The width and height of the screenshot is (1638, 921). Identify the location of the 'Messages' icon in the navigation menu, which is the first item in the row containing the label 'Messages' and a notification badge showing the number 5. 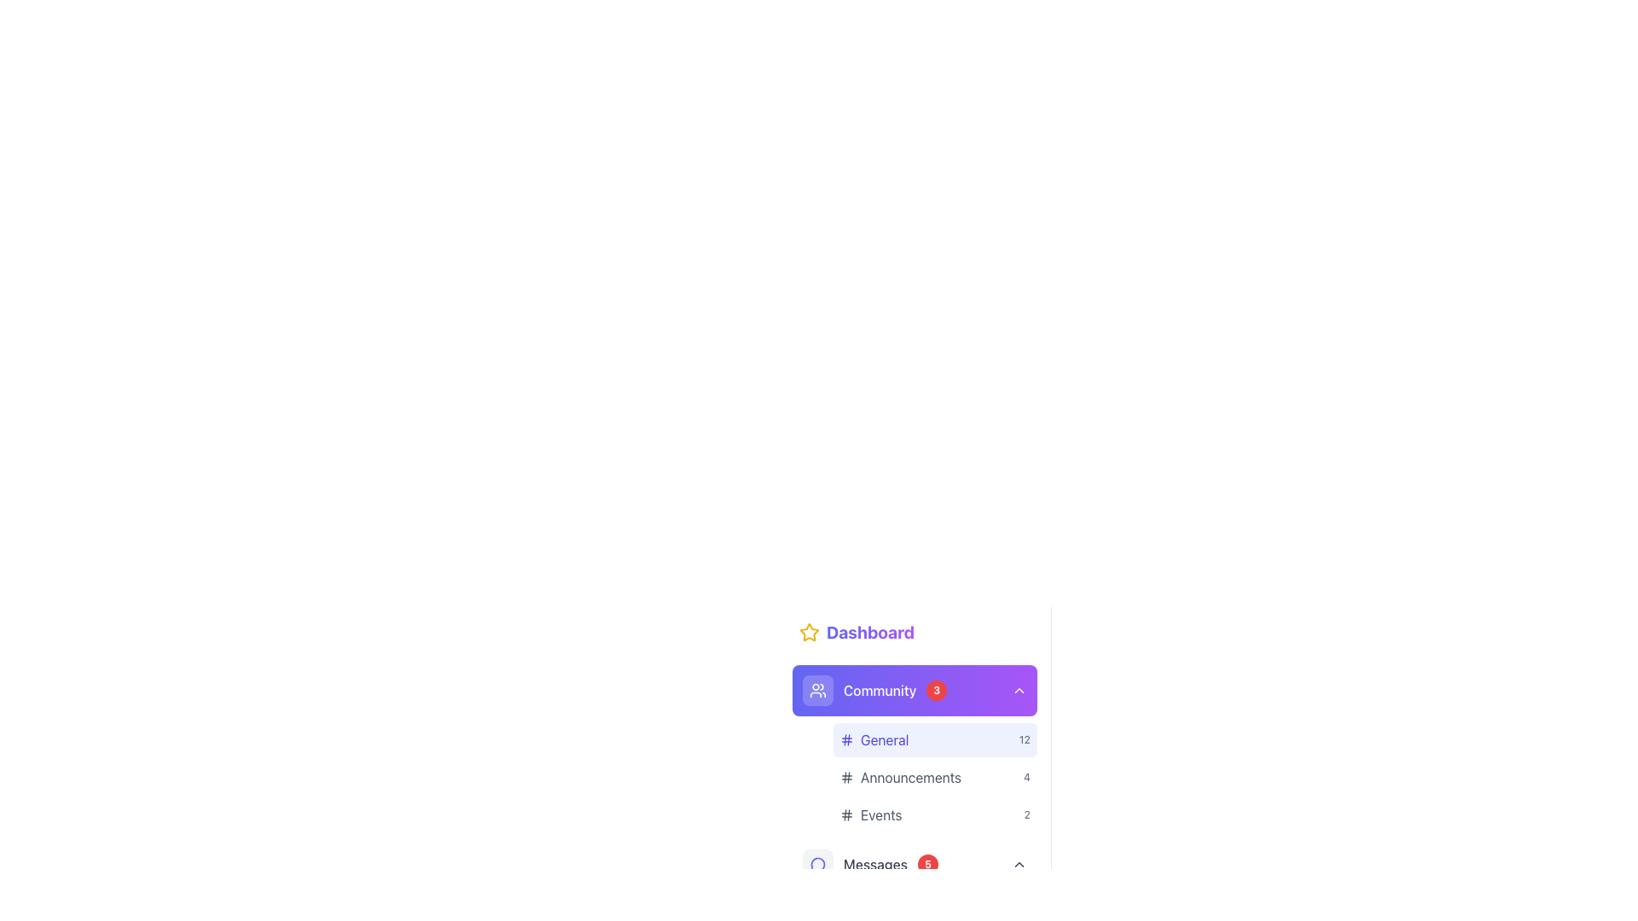
(817, 865).